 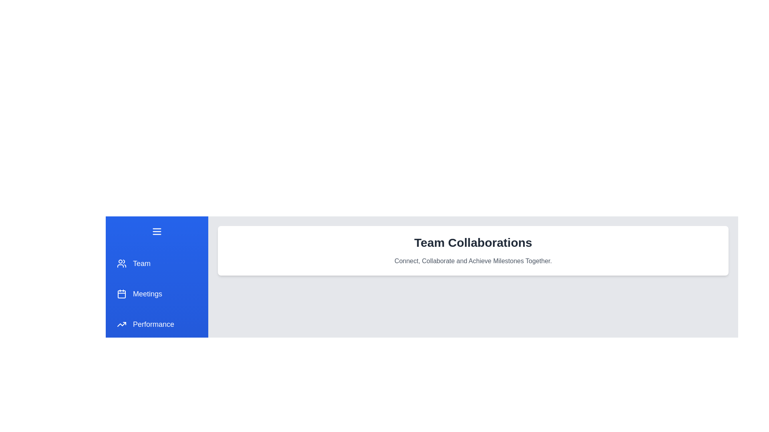 What do you see at coordinates (157, 324) in the screenshot?
I see `the menu item Performance from the drawer` at bounding box center [157, 324].